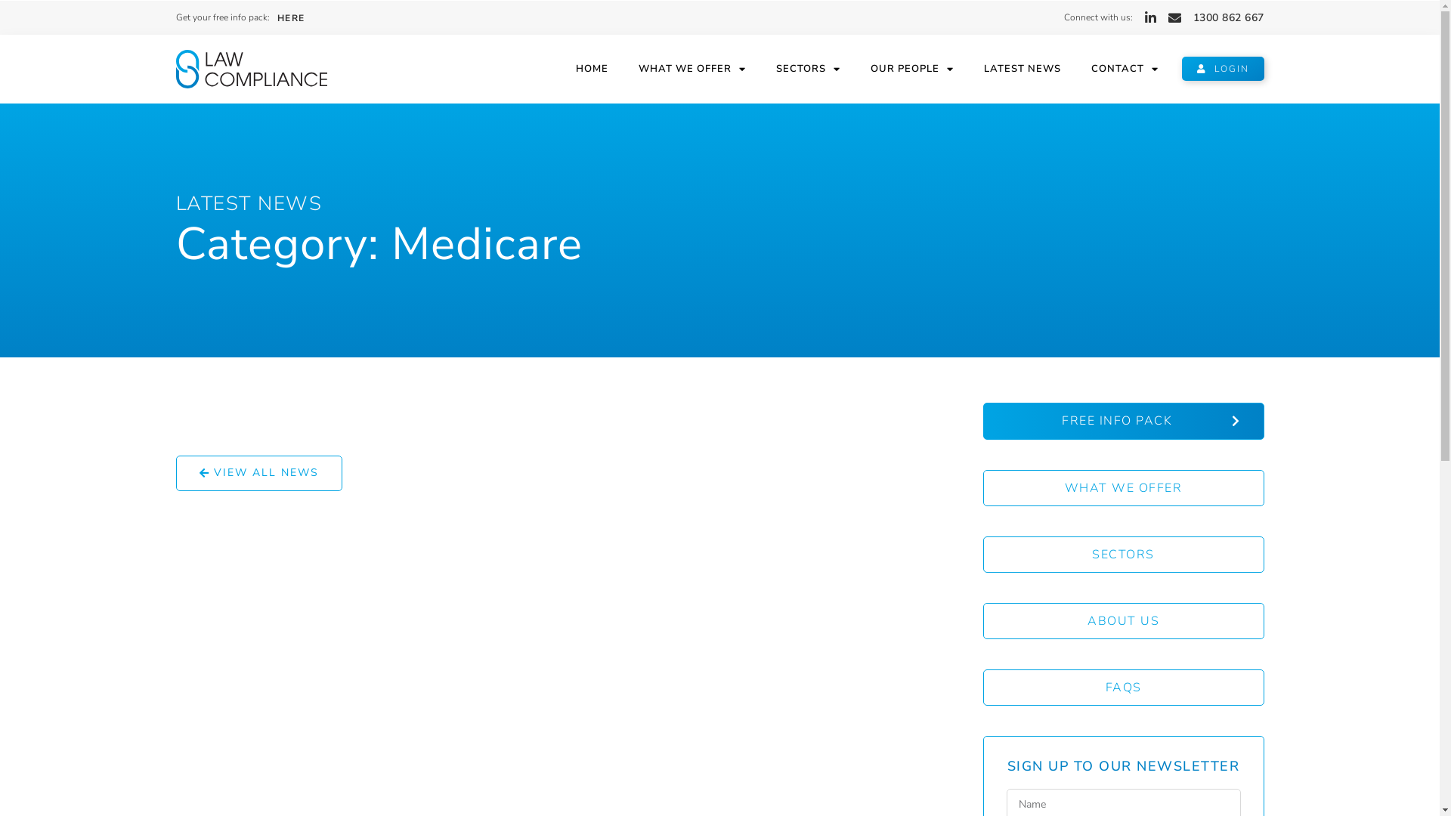  Describe the element at coordinates (1123, 620) in the screenshot. I see `'ABOUT US'` at that location.